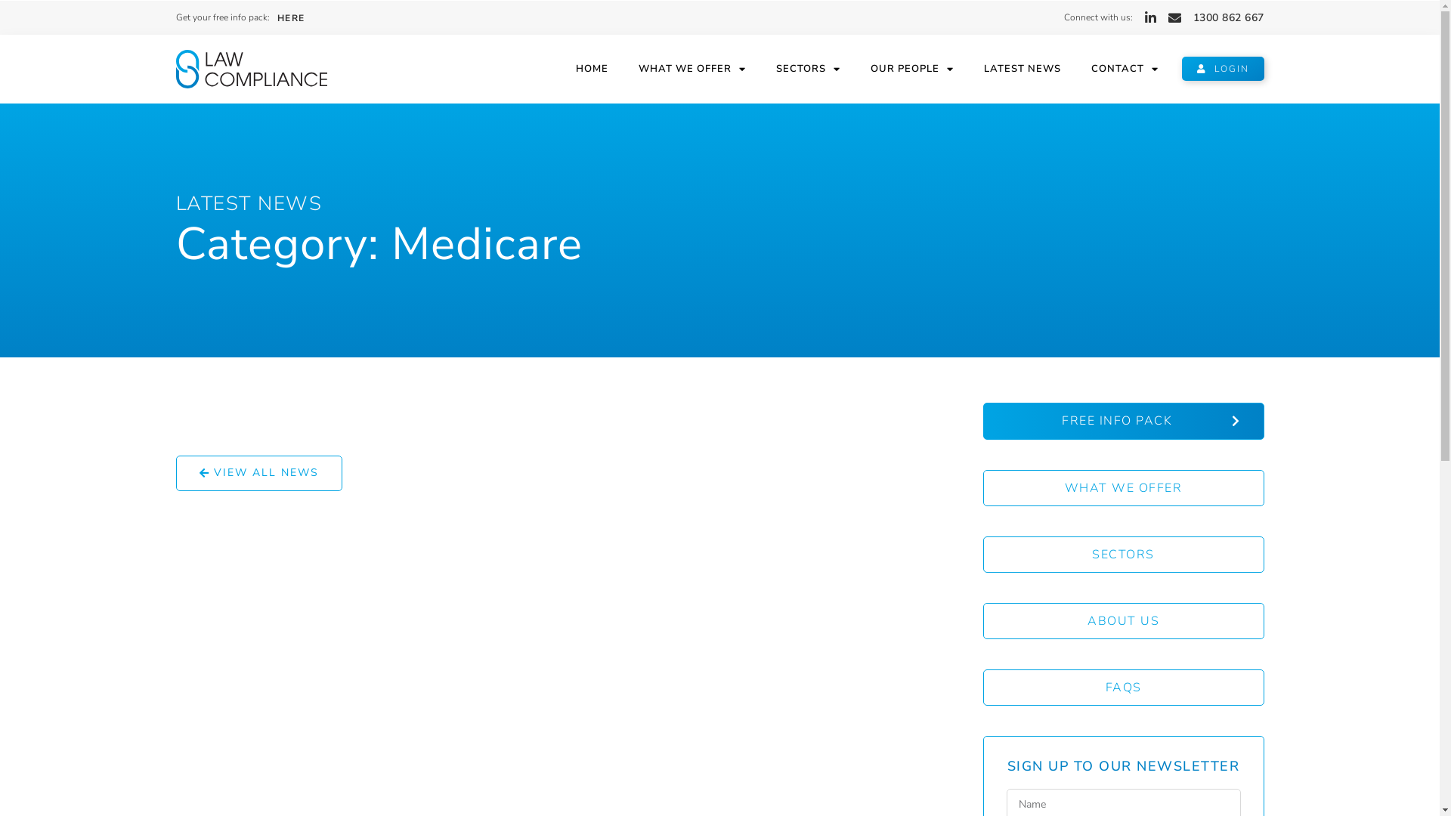  Describe the element at coordinates (1123, 620) in the screenshot. I see `'ABOUT US'` at that location.